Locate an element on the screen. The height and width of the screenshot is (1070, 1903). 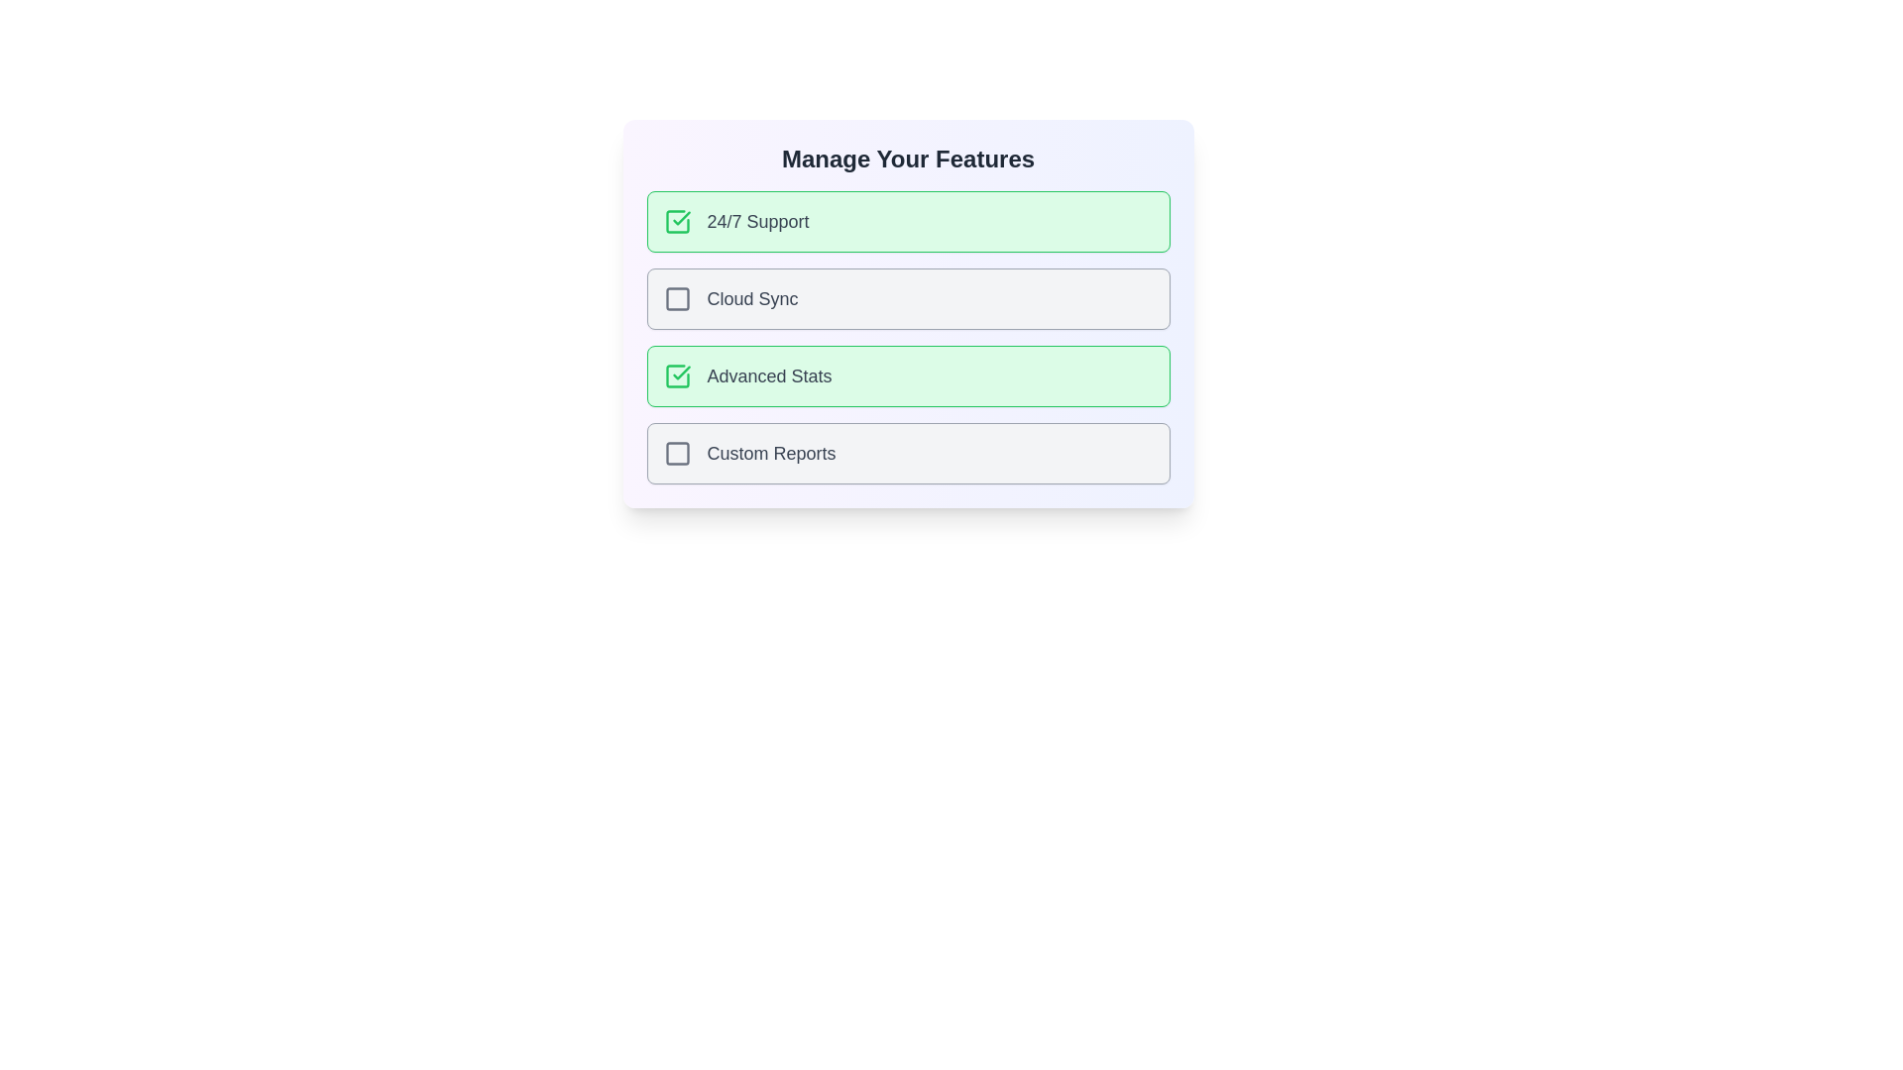
the checkbox associated with the green graphical icon located in the 'Manage Your Features' section, horizontally aligned with 'Advanced Stats' is located at coordinates (677, 376).